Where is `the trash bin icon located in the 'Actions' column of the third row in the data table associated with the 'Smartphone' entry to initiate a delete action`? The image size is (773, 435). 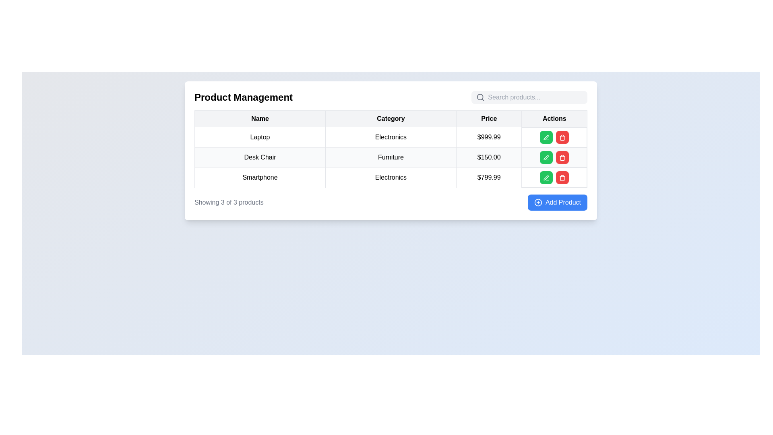 the trash bin icon located in the 'Actions' column of the third row in the data table associated with the 'Smartphone' entry to initiate a delete action is located at coordinates (562, 138).